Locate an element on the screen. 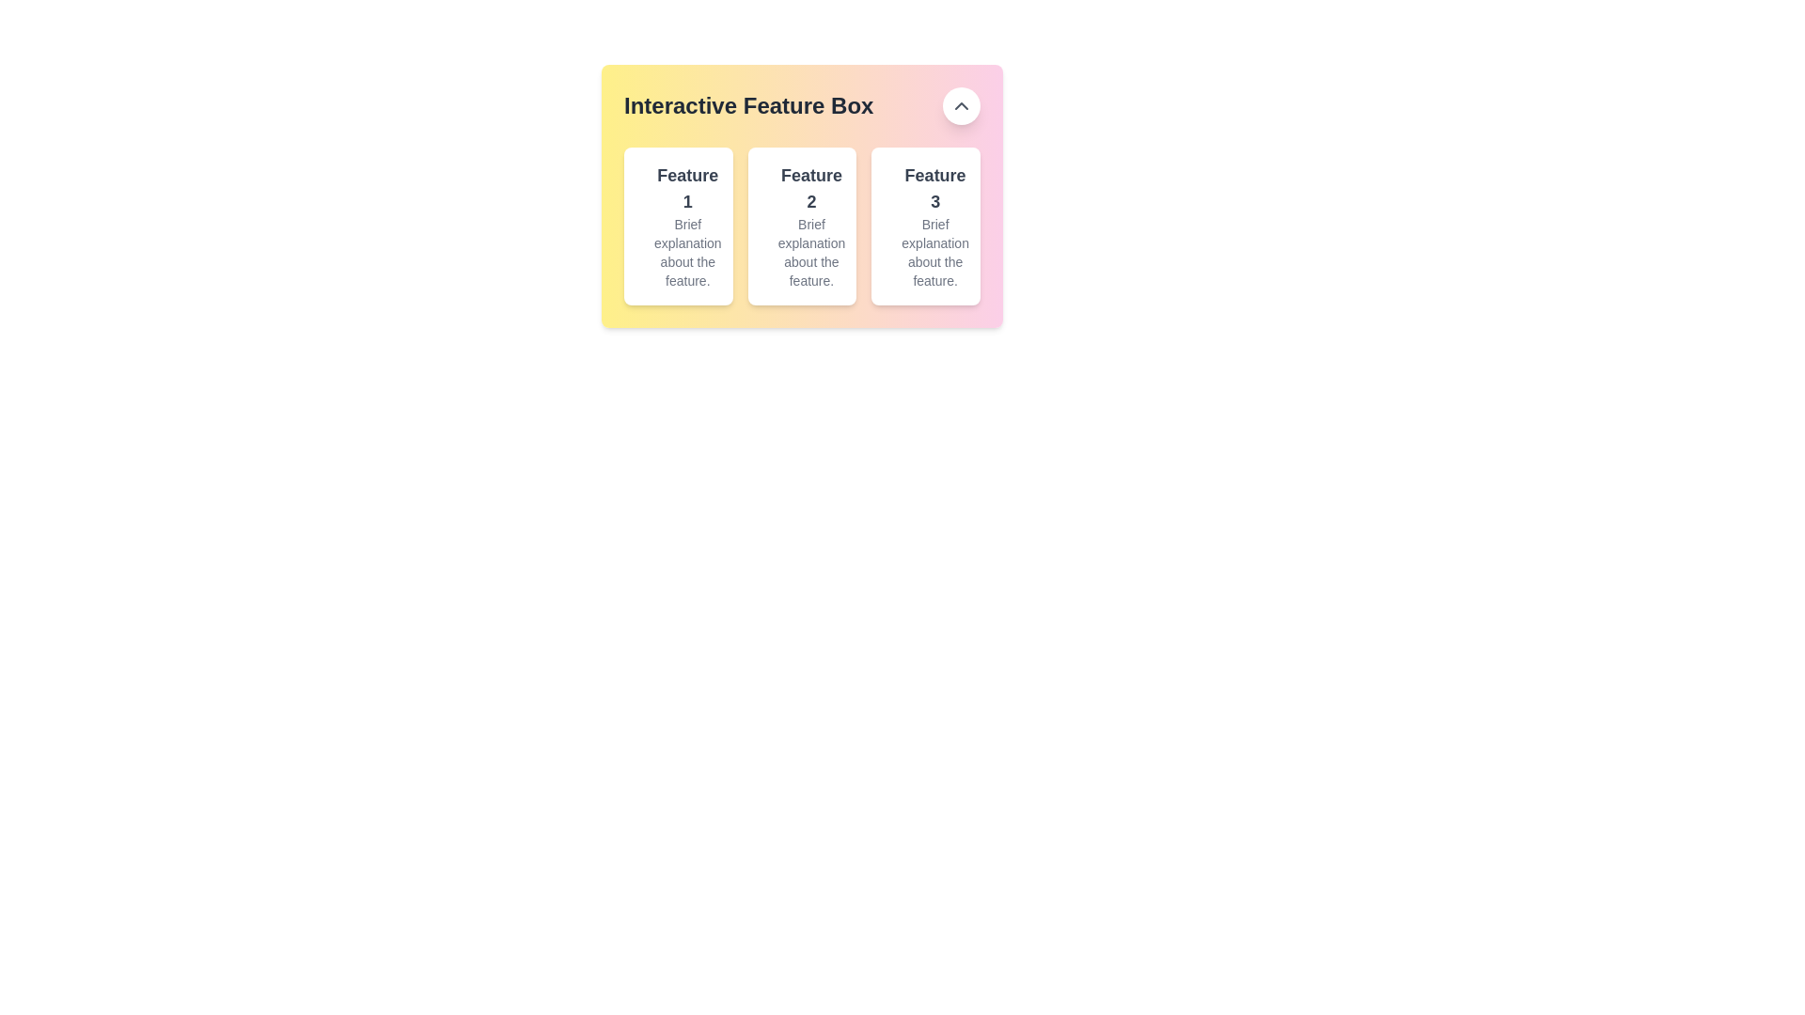  the Text label indicating information about 'Feature 2', which is located in the second column beneath the header 'Interactive Feature Box' is located at coordinates (811, 188).